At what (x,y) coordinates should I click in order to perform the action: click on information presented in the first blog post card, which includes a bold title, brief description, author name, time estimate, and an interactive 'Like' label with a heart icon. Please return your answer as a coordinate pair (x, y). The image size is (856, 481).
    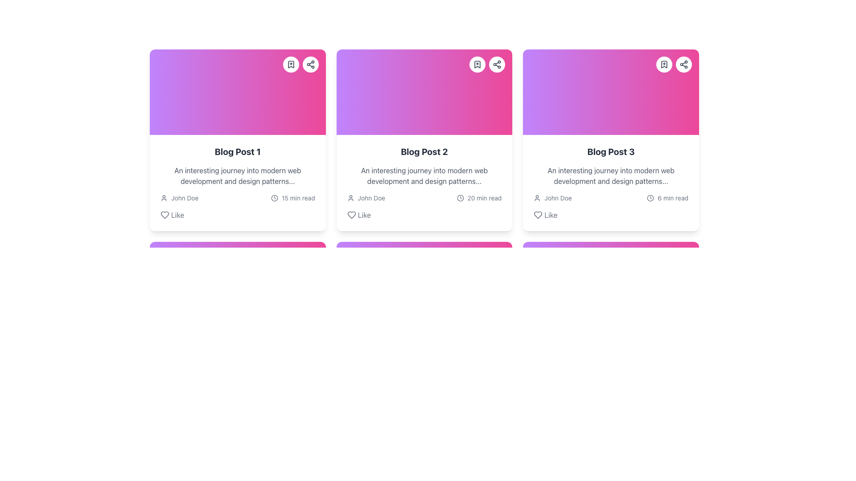
    Looking at the image, I should click on (238, 183).